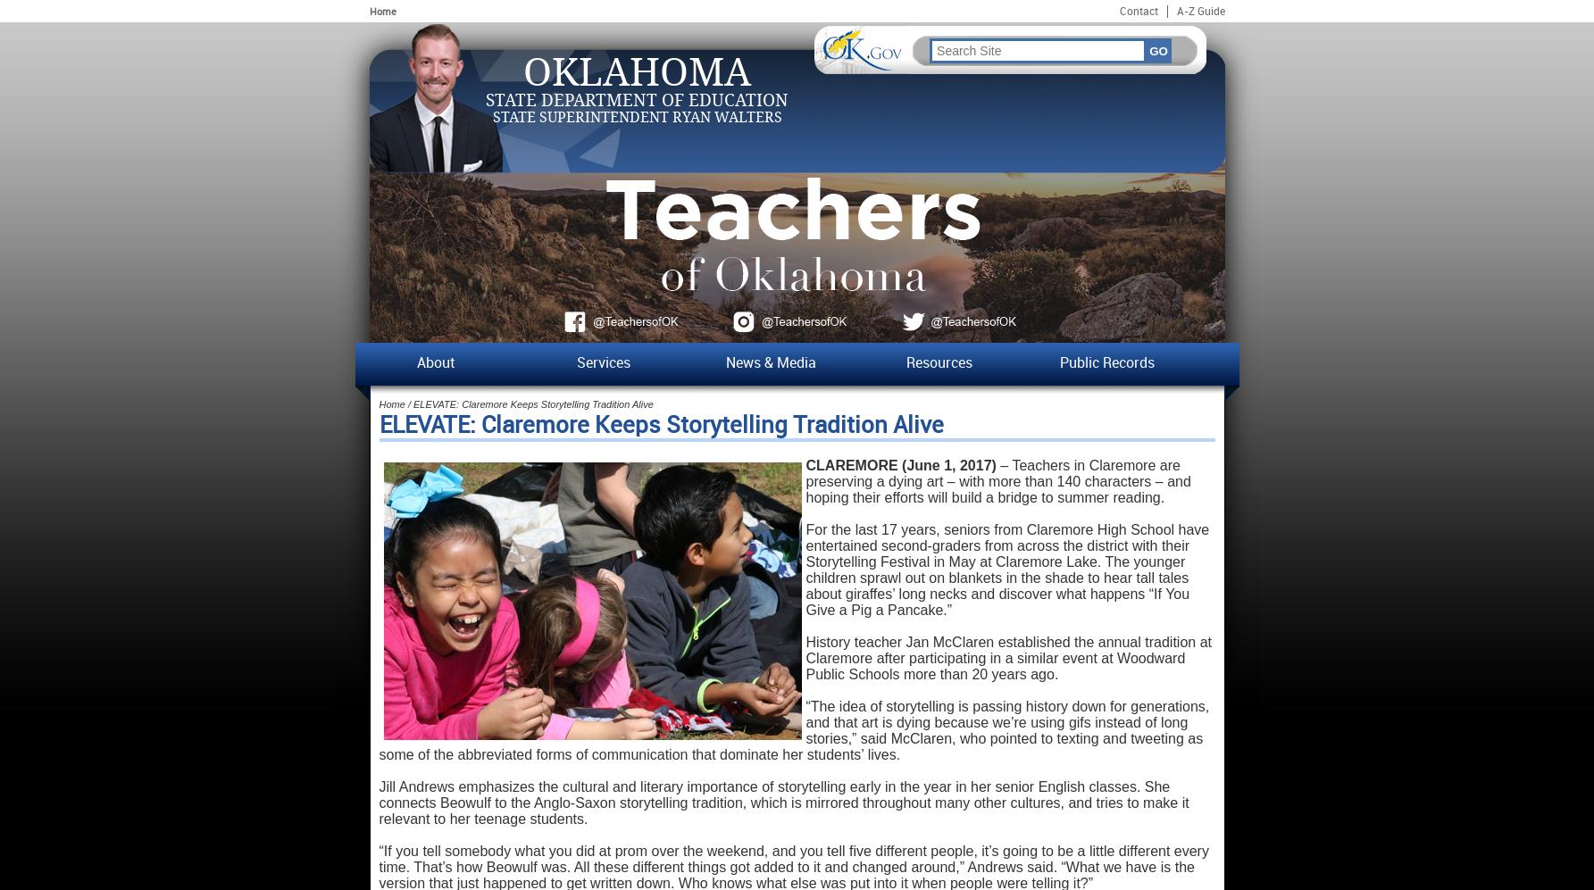 The image size is (1594, 890). What do you see at coordinates (1008, 658) in the screenshot?
I see `'History teacher Jan McClaren established the annual tradition at Claremore after participating in a similar event at Woodward Public Schools more than 20 years ago.'` at bounding box center [1008, 658].